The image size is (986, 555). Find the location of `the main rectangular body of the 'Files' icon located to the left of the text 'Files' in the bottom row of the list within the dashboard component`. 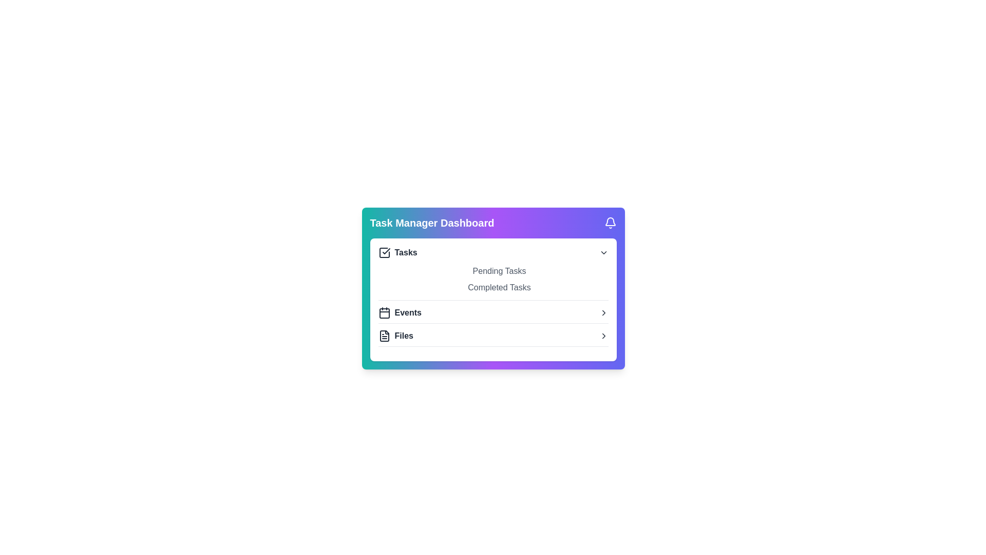

the main rectangular body of the 'Files' icon located to the left of the text 'Files' in the bottom row of the list within the dashboard component is located at coordinates (384, 336).